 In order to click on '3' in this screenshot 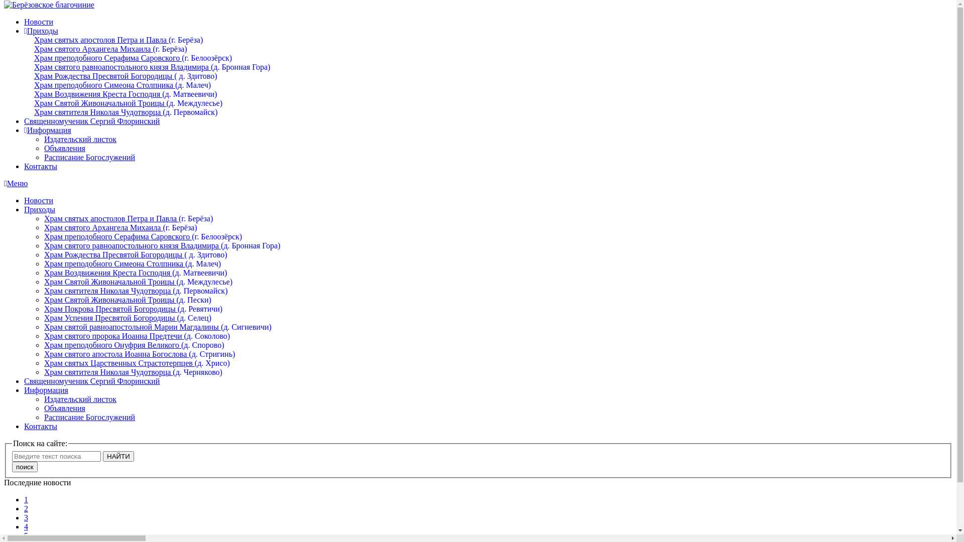, I will do `click(24, 517)`.